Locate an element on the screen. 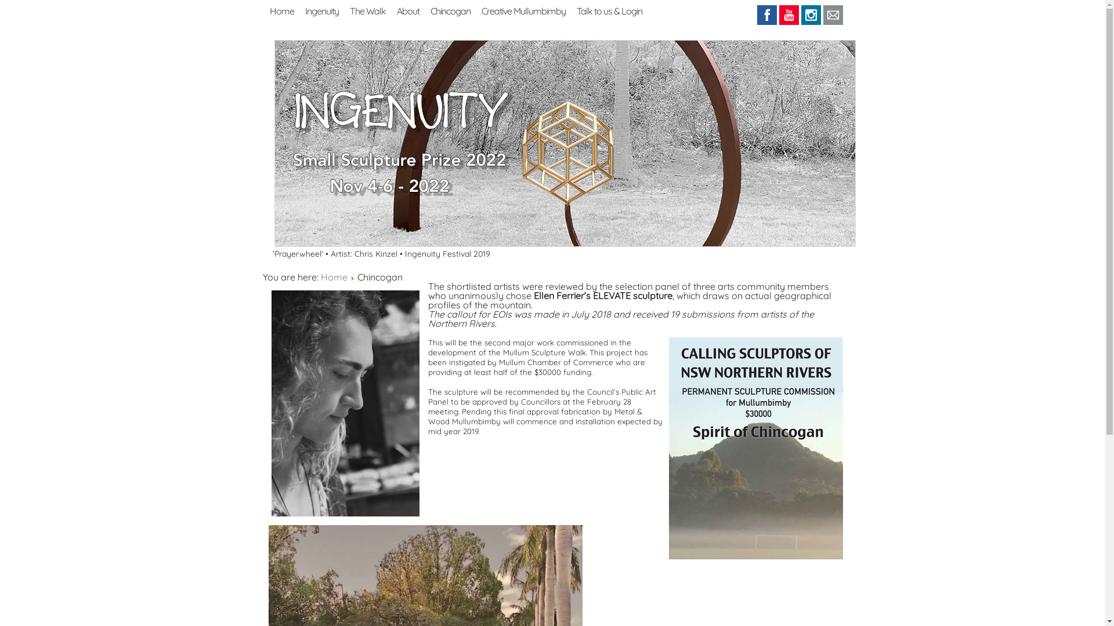 The width and height of the screenshot is (1114, 626). 'Ingenuity' is located at coordinates (322, 9).